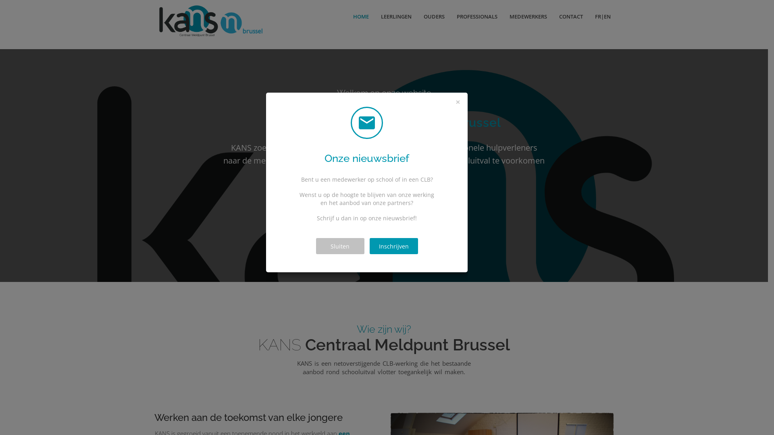 The image size is (774, 435). I want to click on 'MEDEWERKERS', so click(528, 17).